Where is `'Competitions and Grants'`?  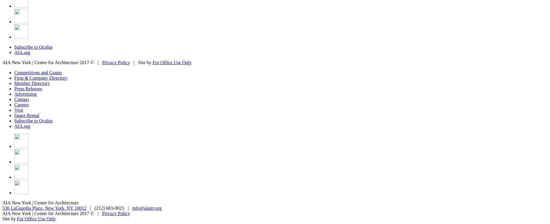
'Competitions and Grants' is located at coordinates (37, 72).